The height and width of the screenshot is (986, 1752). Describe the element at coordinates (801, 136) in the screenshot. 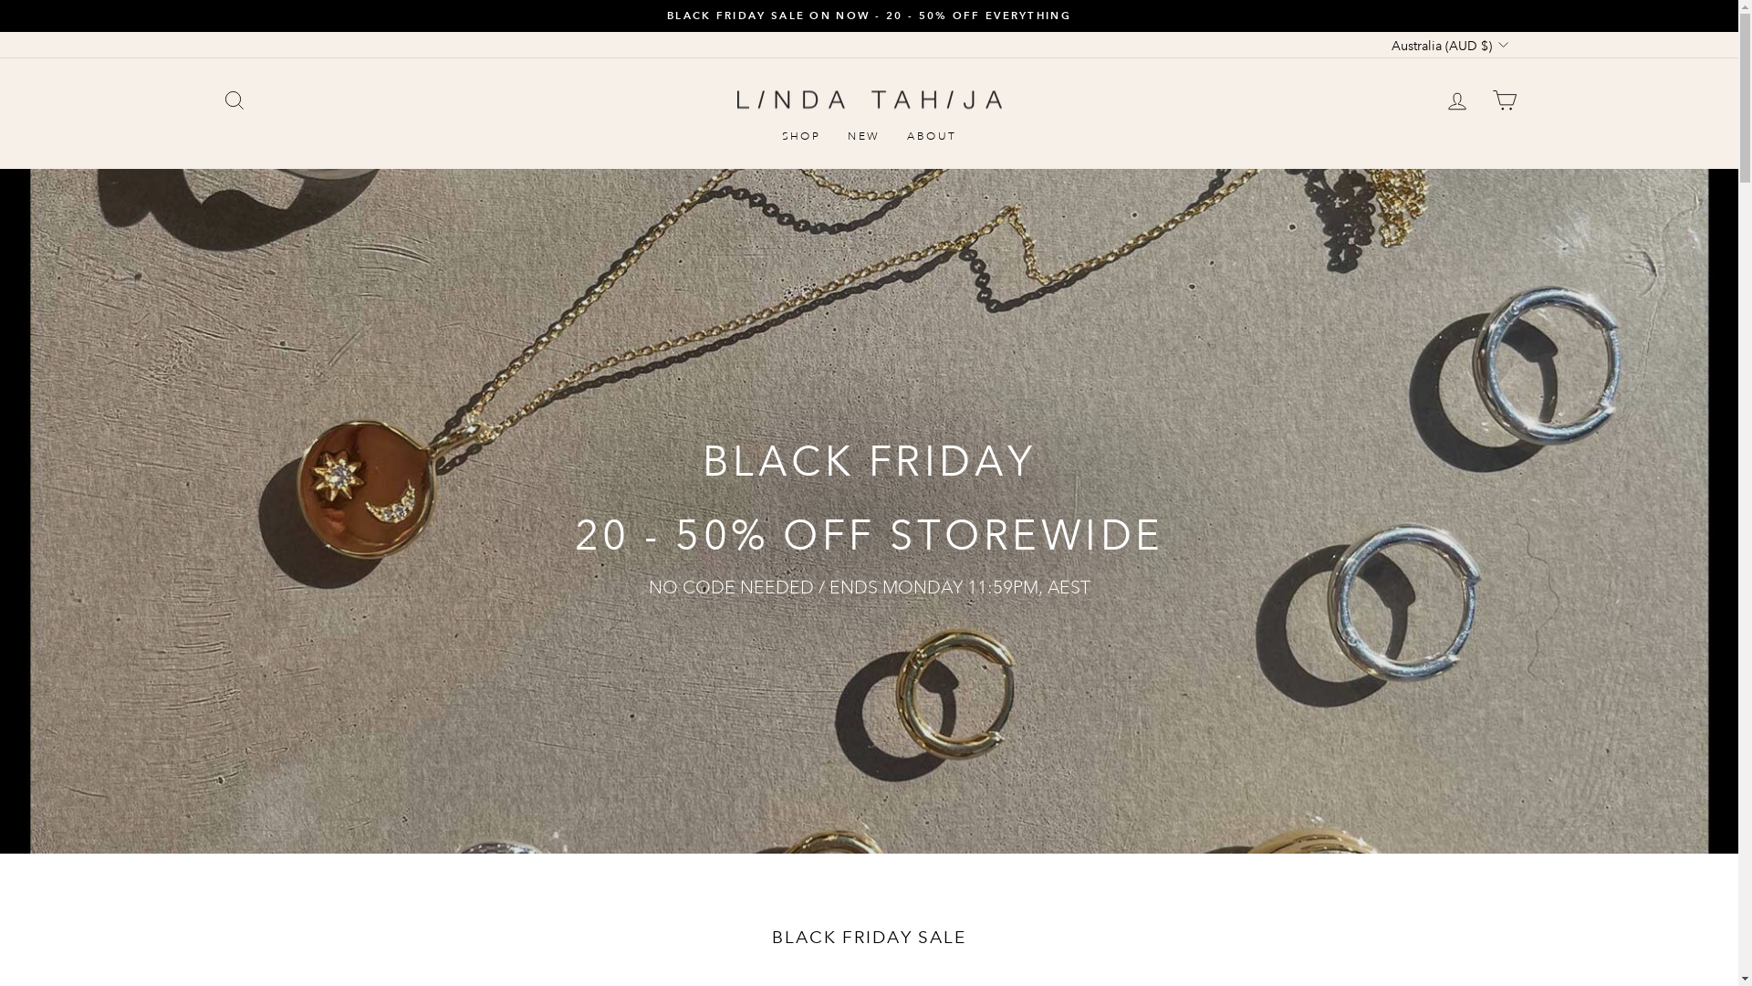

I see `'SHOP'` at that location.